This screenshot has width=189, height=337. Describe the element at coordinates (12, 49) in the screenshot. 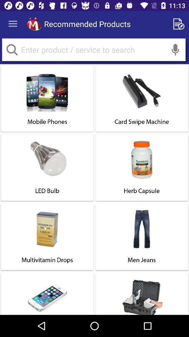

I see `quick search` at that location.